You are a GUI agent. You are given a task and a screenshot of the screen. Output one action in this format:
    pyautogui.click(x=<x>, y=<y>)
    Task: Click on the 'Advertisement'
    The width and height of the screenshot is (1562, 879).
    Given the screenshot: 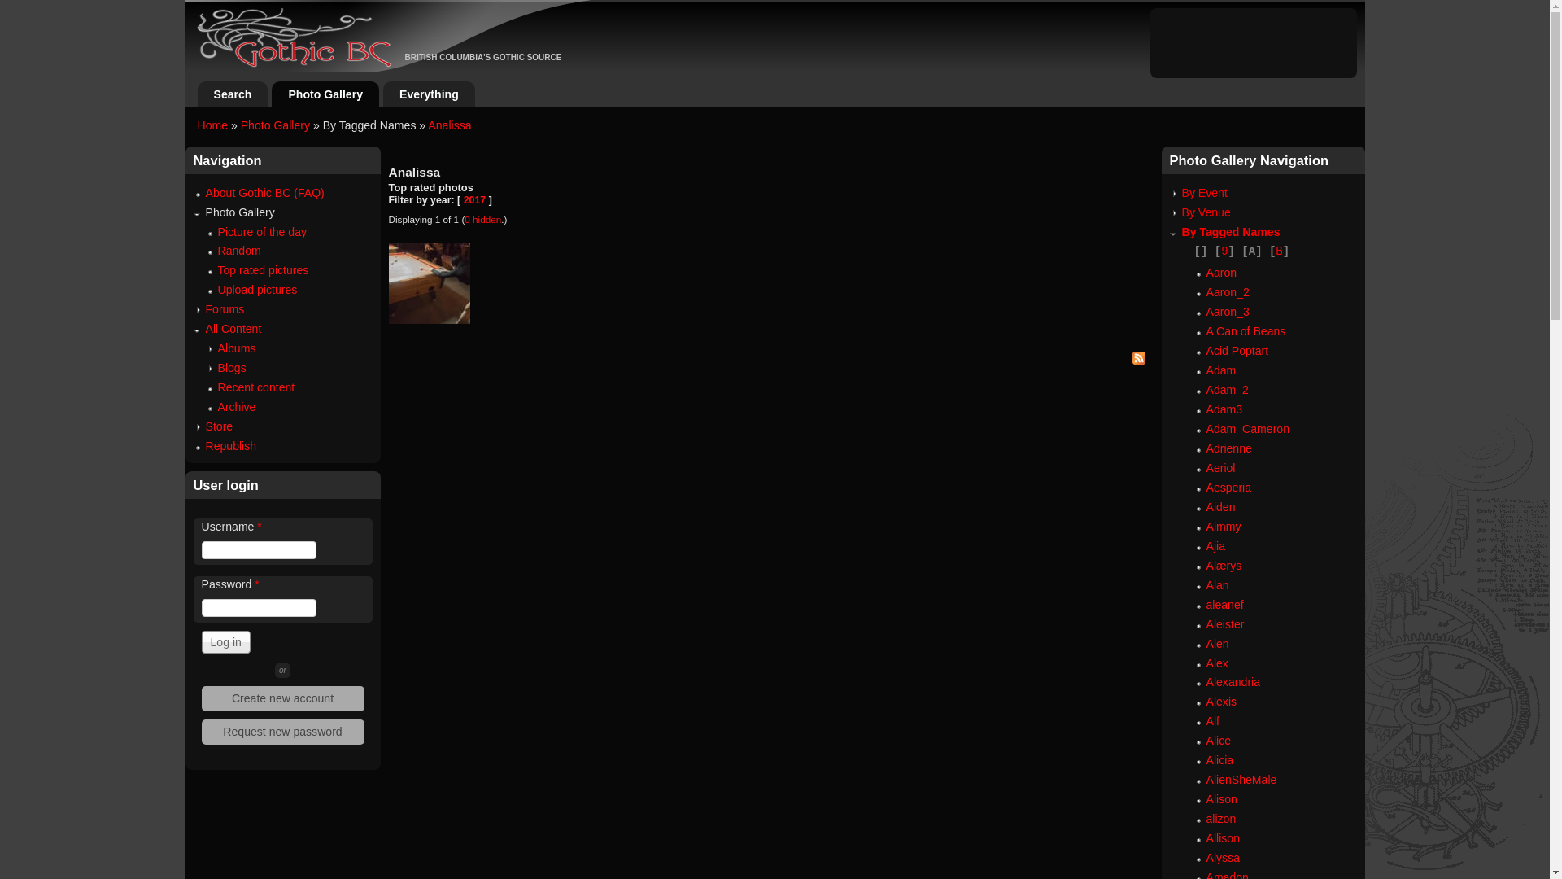 What is the action you would take?
    pyautogui.click(x=1252, y=40)
    